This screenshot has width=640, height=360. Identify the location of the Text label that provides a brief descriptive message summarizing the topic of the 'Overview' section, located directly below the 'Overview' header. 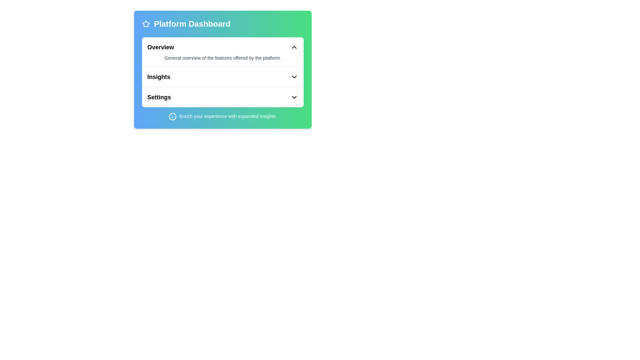
(223, 57).